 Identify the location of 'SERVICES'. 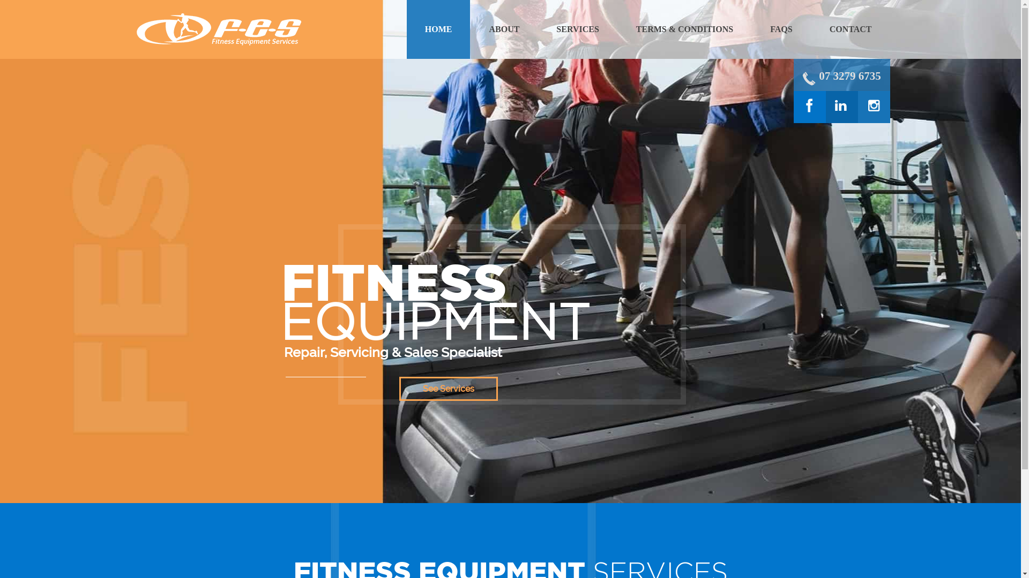
(577, 28).